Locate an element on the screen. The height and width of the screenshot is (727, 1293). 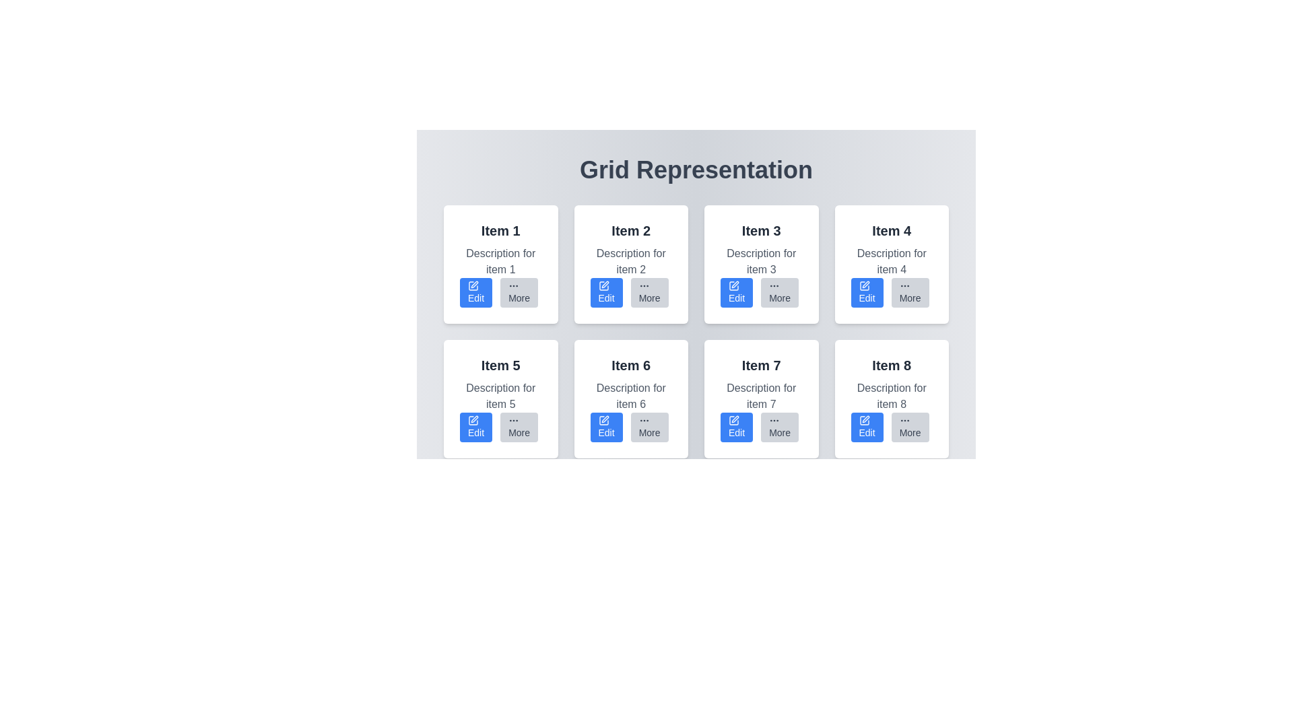
the primary heading or title text display located in the header section of the third card in the first row of the grid layout is located at coordinates (761, 230).